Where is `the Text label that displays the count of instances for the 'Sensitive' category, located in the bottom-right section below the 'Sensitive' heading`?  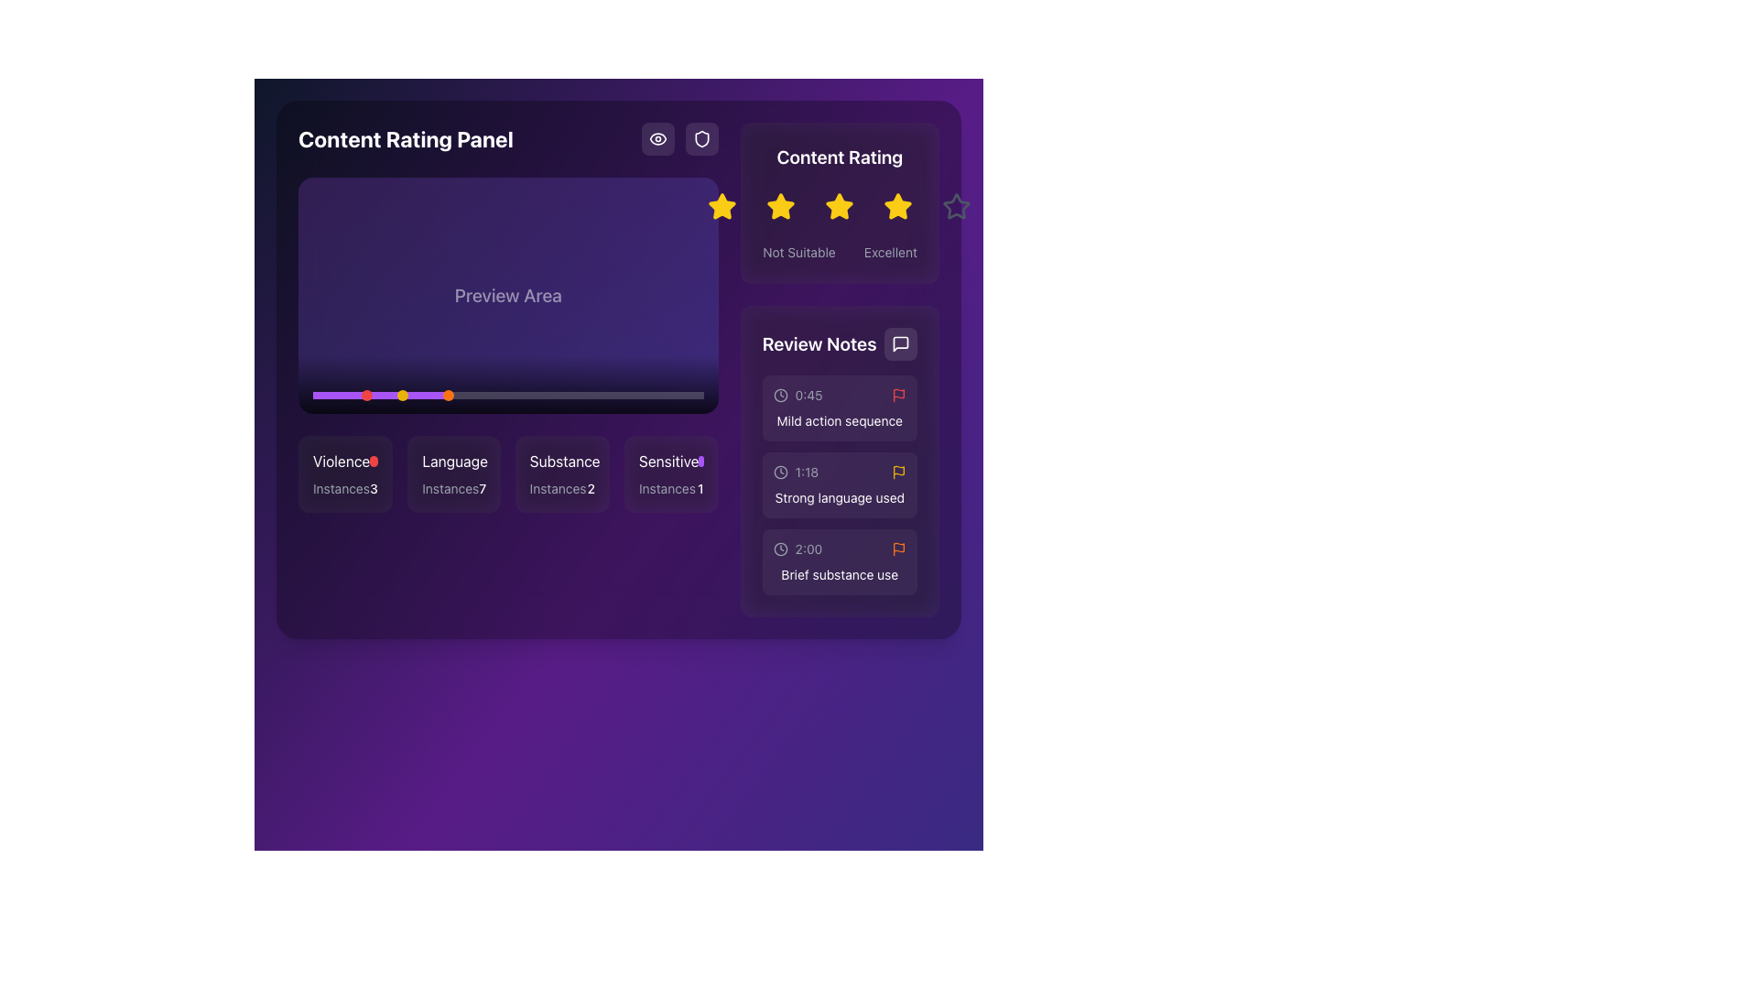
the Text label that displays the count of instances for the 'Sensitive' category, located in the bottom-right section below the 'Sensitive' heading is located at coordinates (670, 487).